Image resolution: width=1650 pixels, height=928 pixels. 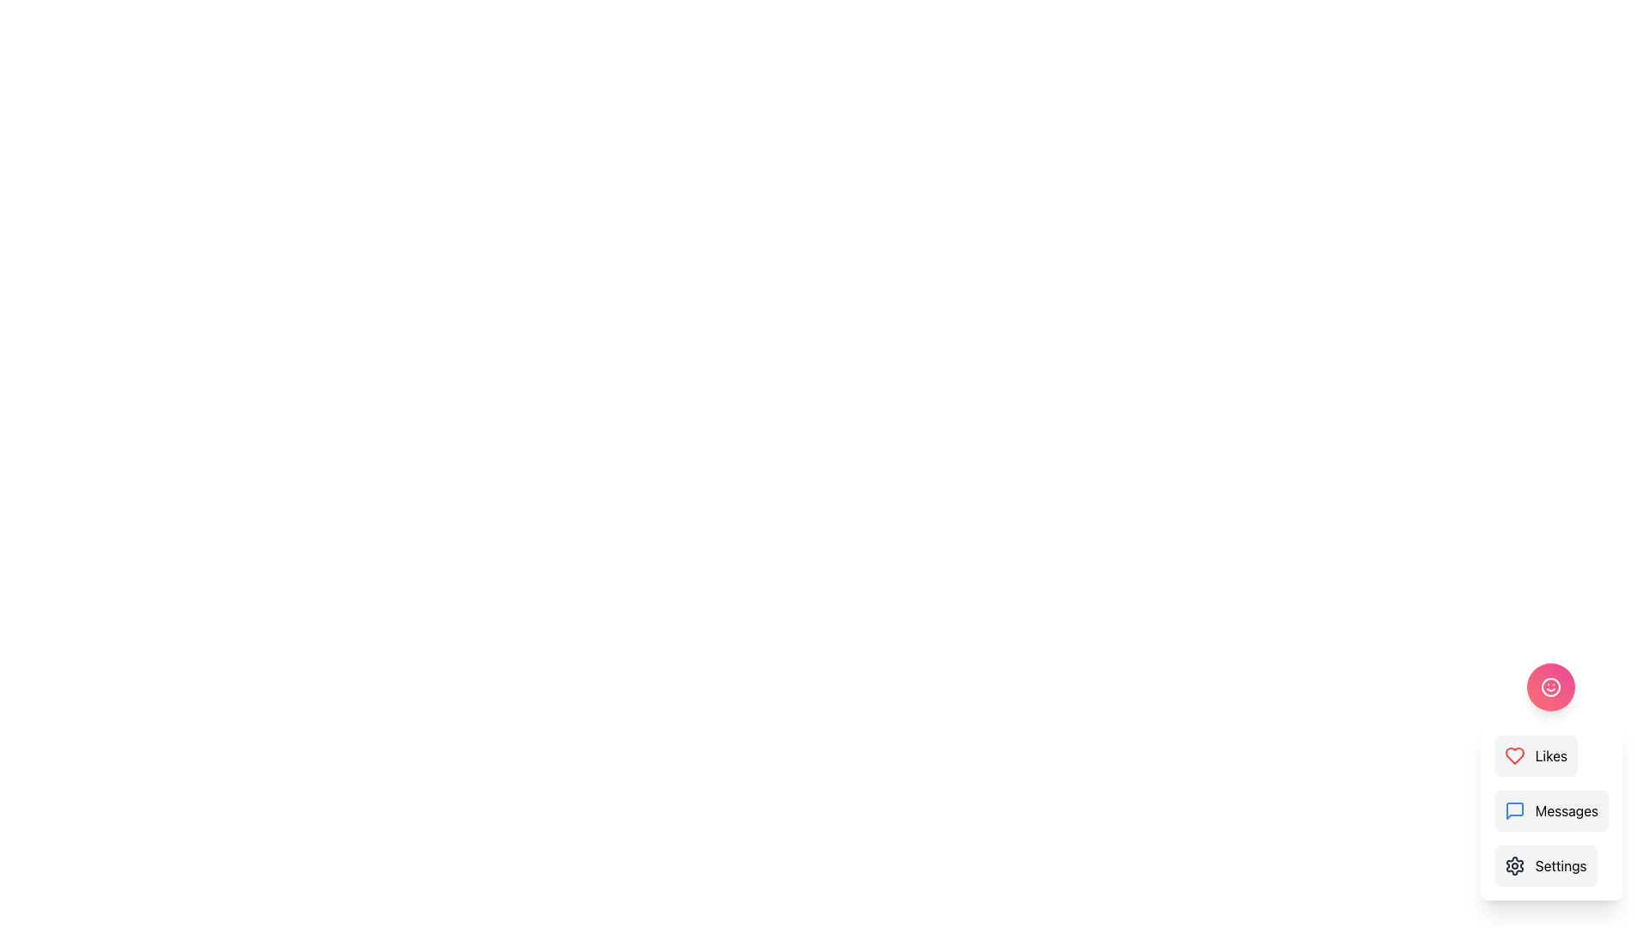 What do you see at coordinates (1514, 865) in the screenshot?
I see `the cogwheel icon located in the bottom-right corner of the panel, associated with the 'Settings' label` at bounding box center [1514, 865].